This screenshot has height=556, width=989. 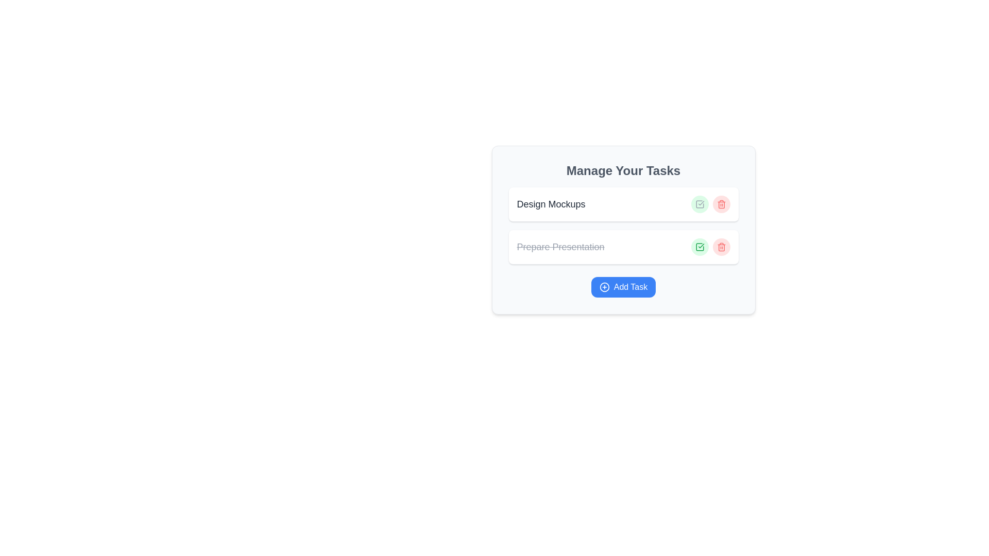 I want to click on the Text Label styled with a strikethrough line across the text 'Prepare Presentation', indicating a completed task in the task management interface, so click(x=560, y=247).